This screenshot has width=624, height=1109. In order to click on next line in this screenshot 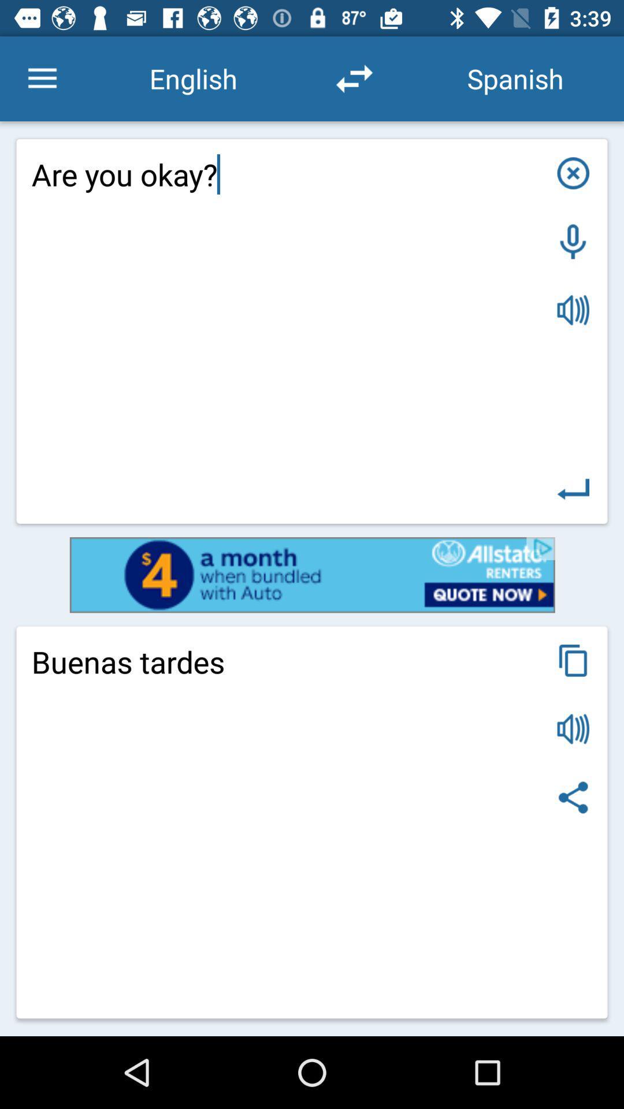, I will do `click(573, 489)`.